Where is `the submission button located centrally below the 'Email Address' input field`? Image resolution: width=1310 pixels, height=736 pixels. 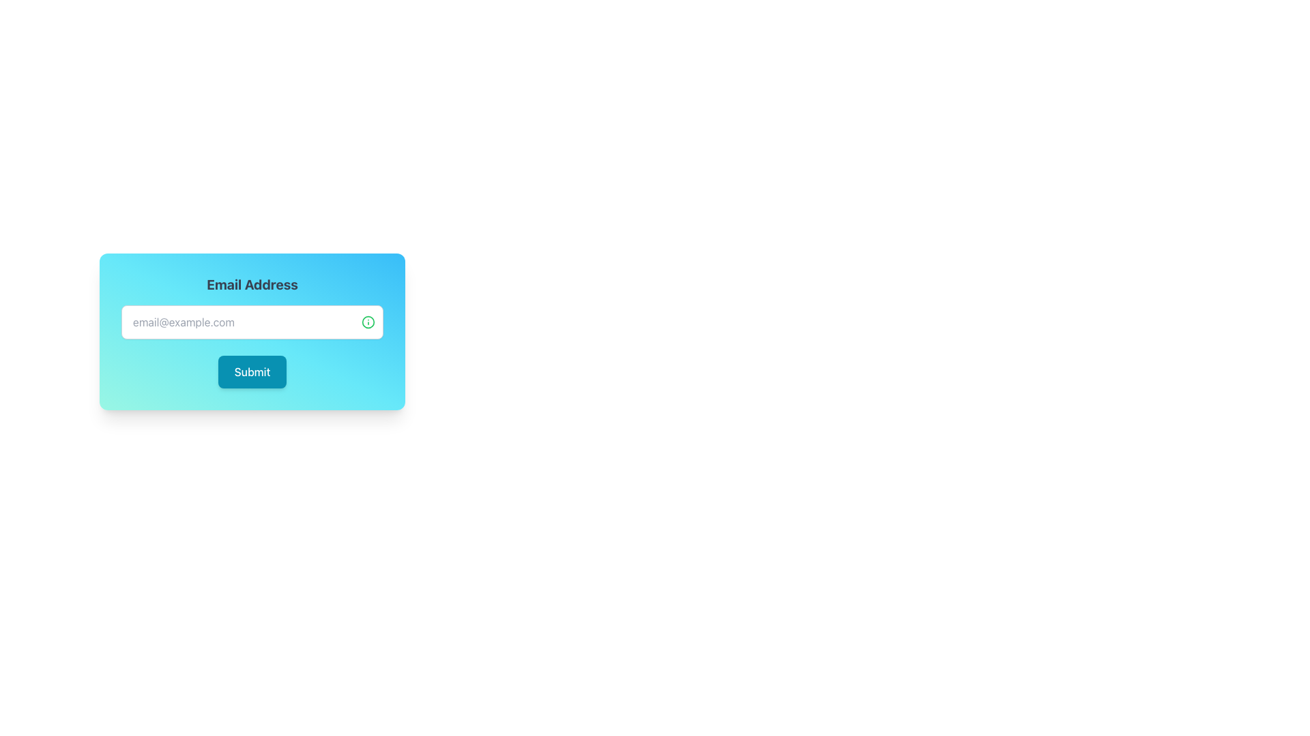
the submission button located centrally below the 'Email Address' input field is located at coordinates (252, 372).